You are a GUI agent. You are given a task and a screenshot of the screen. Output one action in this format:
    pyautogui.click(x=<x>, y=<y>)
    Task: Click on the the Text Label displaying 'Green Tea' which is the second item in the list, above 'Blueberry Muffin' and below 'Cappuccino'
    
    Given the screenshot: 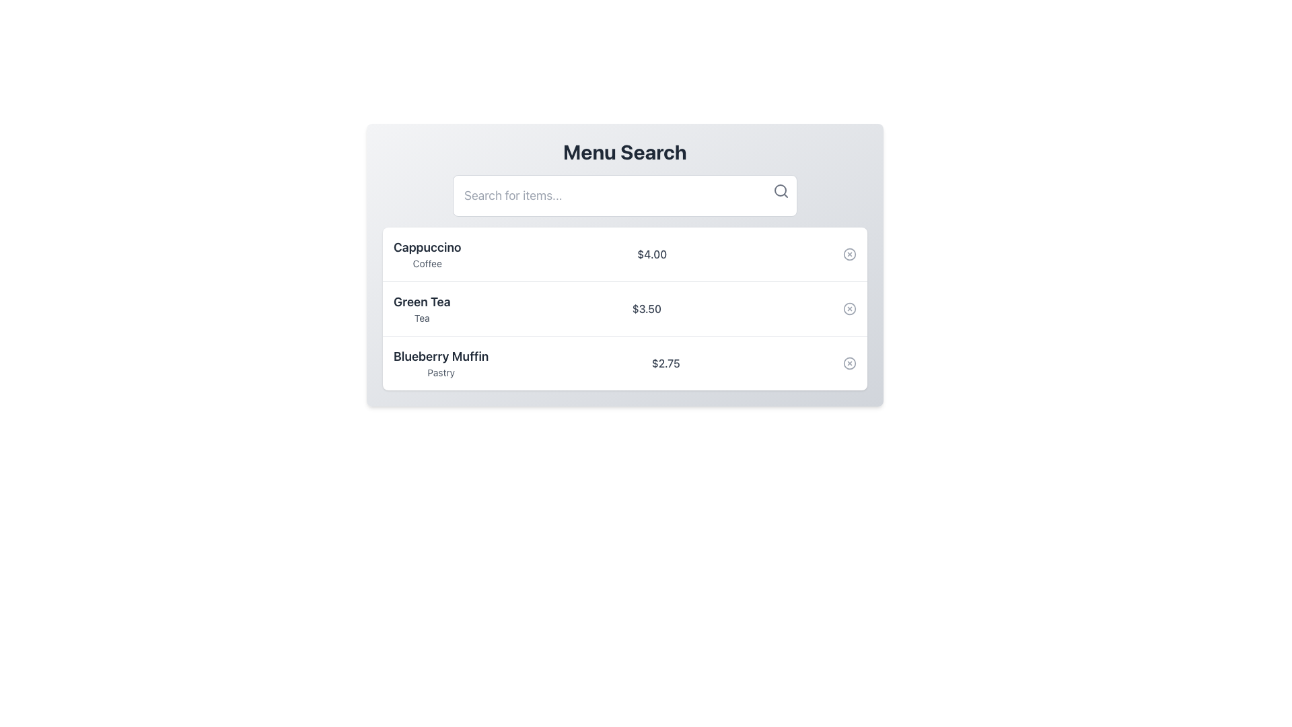 What is the action you would take?
    pyautogui.click(x=421, y=309)
    